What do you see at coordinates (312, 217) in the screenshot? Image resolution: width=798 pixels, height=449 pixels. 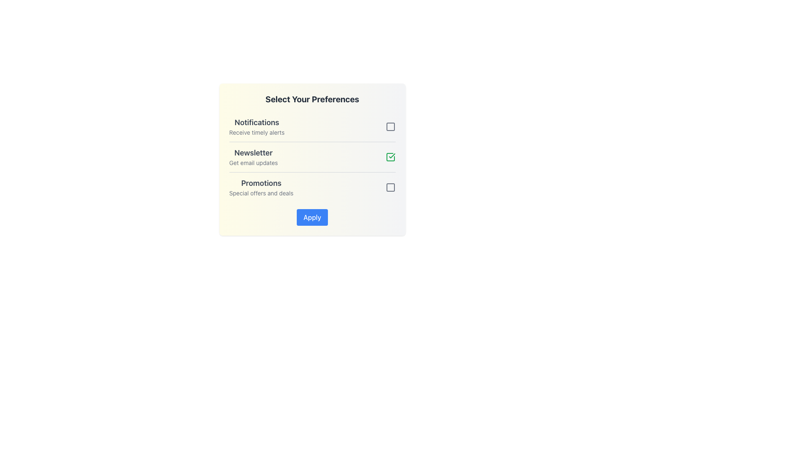 I see `the 'Apply' button, which is a rectangular button with rounded corners, blue background, and white text, located at the bottom of the 'Select Your Preferences' section` at bounding box center [312, 217].